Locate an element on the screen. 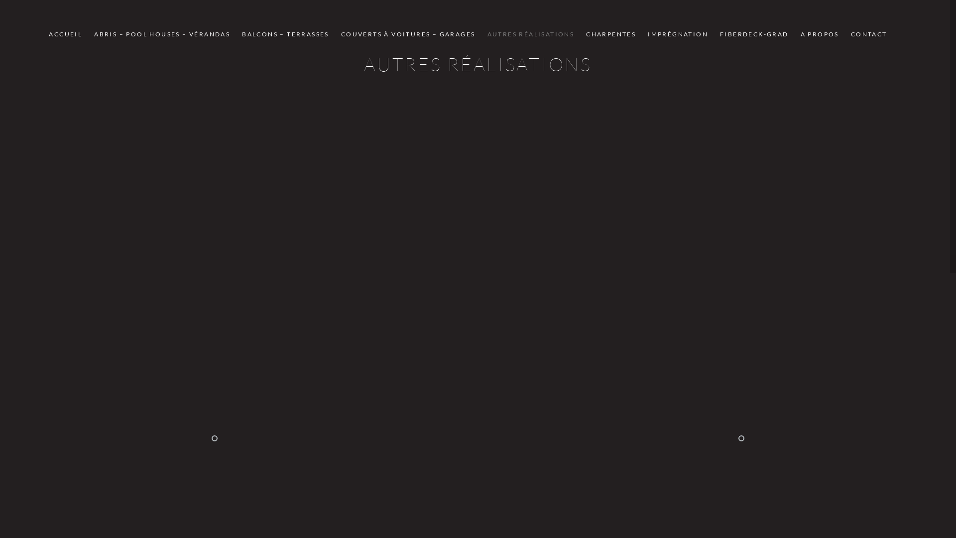 The width and height of the screenshot is (956, 538). 'CONTACT' is located at coordinates (868, 33).